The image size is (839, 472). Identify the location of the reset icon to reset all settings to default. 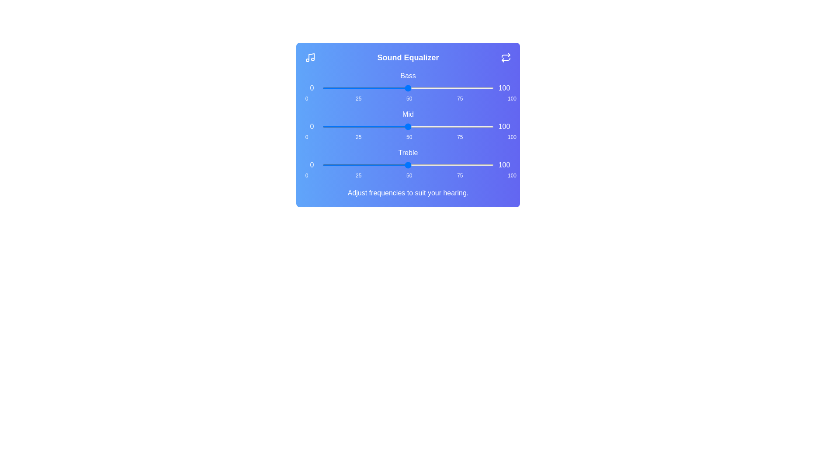
(506, 57).